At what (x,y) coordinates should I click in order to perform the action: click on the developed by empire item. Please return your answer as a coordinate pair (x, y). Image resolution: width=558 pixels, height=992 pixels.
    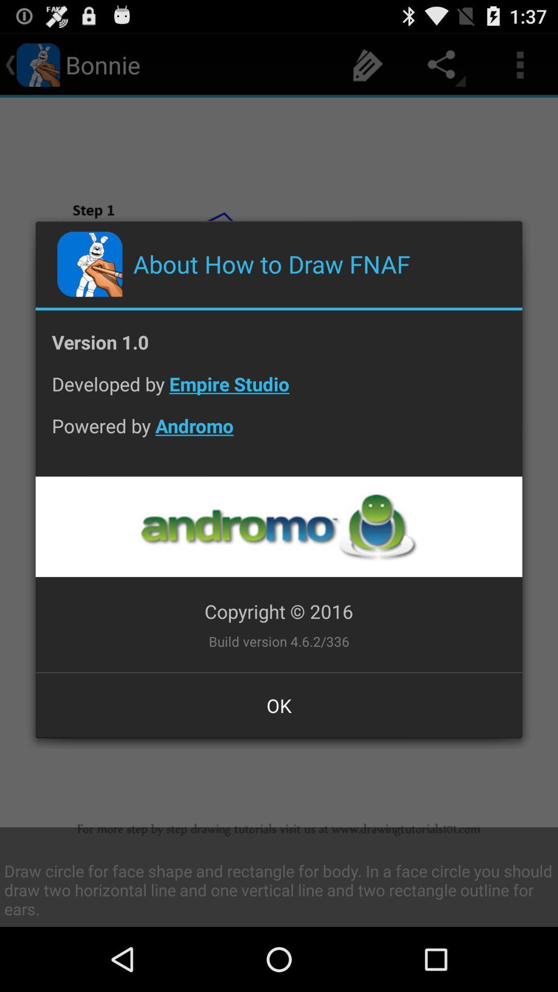
    Looking at the image, I should click on (279, 391).